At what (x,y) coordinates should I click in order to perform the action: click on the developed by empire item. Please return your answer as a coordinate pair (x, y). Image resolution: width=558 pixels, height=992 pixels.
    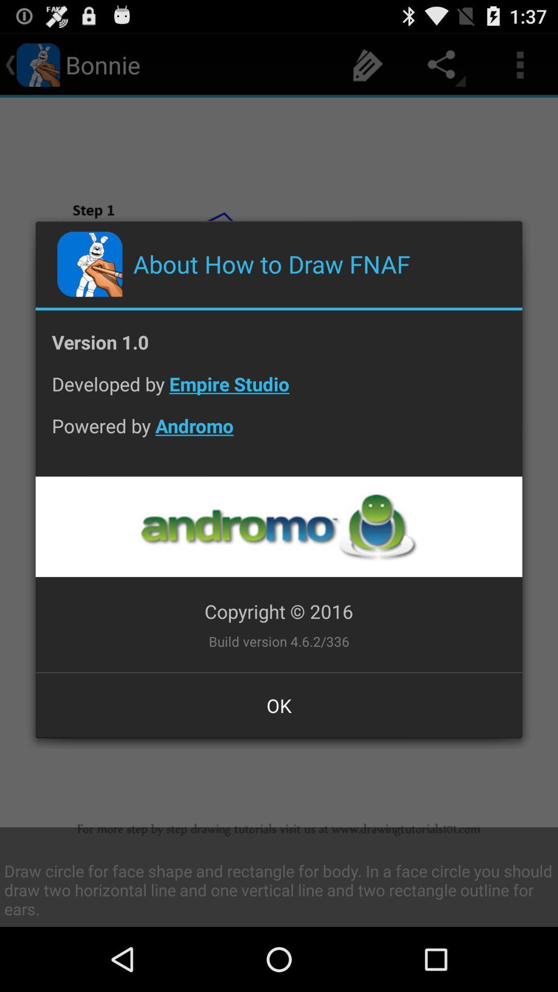
    Looking at the image, I should click on (279, 391).